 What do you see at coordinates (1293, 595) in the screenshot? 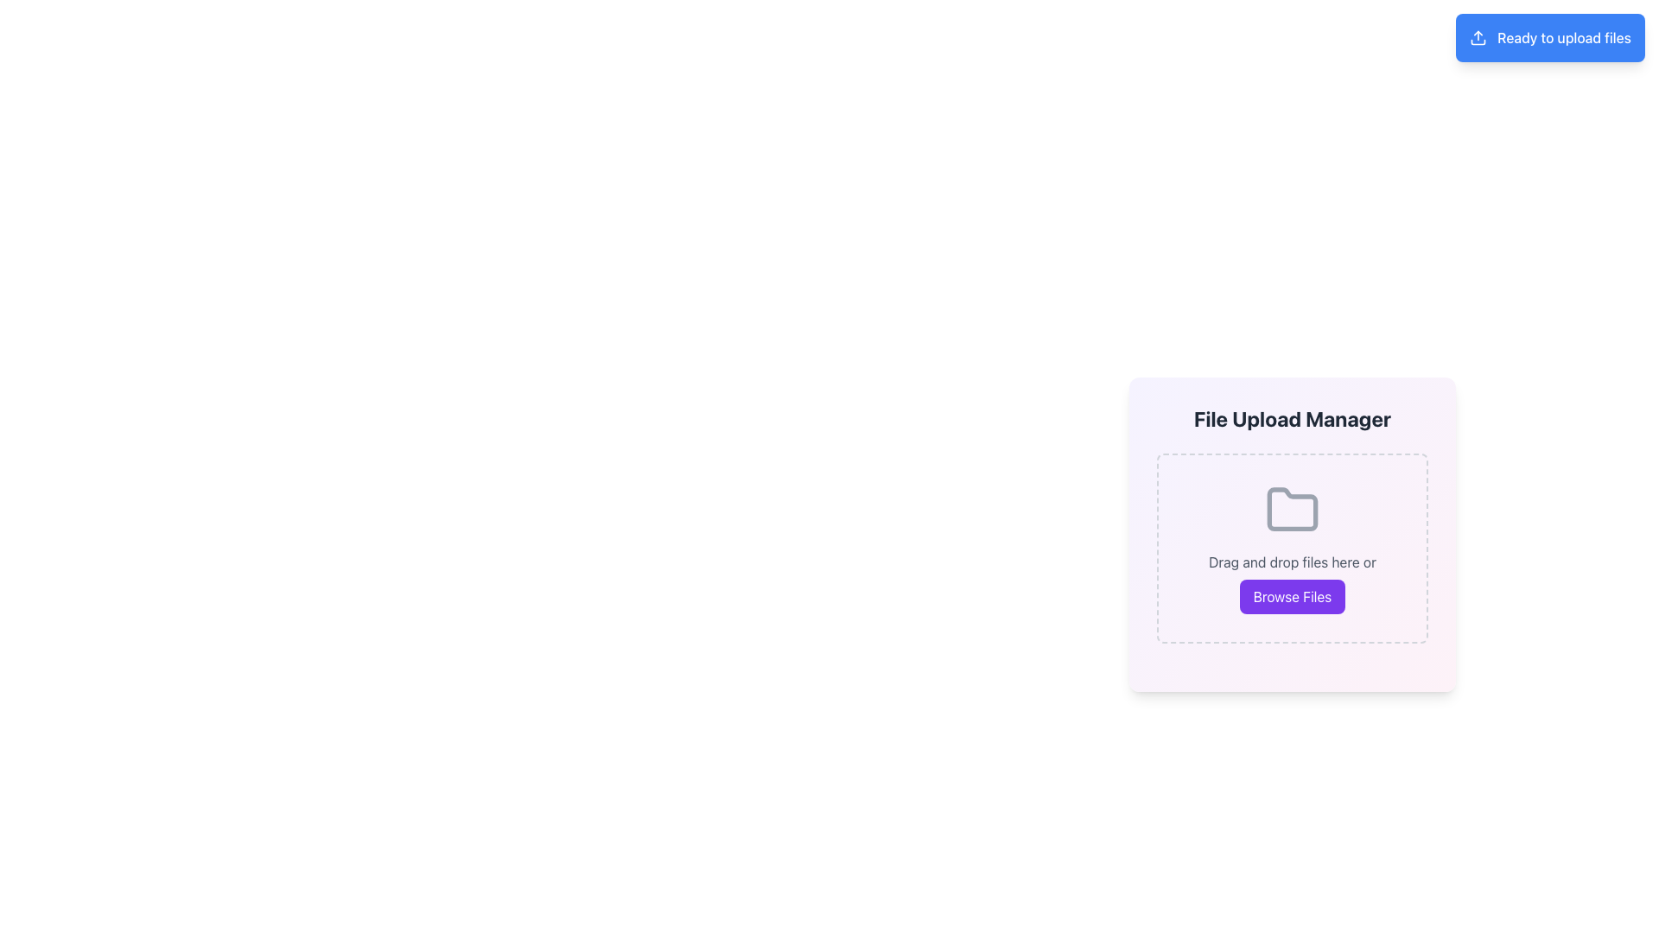
I see `the 'Browse Files' button, which is a rectangular button with white text on a purple background, located in the 'File Upload Manager' section` at bounding box center [1293, 595].